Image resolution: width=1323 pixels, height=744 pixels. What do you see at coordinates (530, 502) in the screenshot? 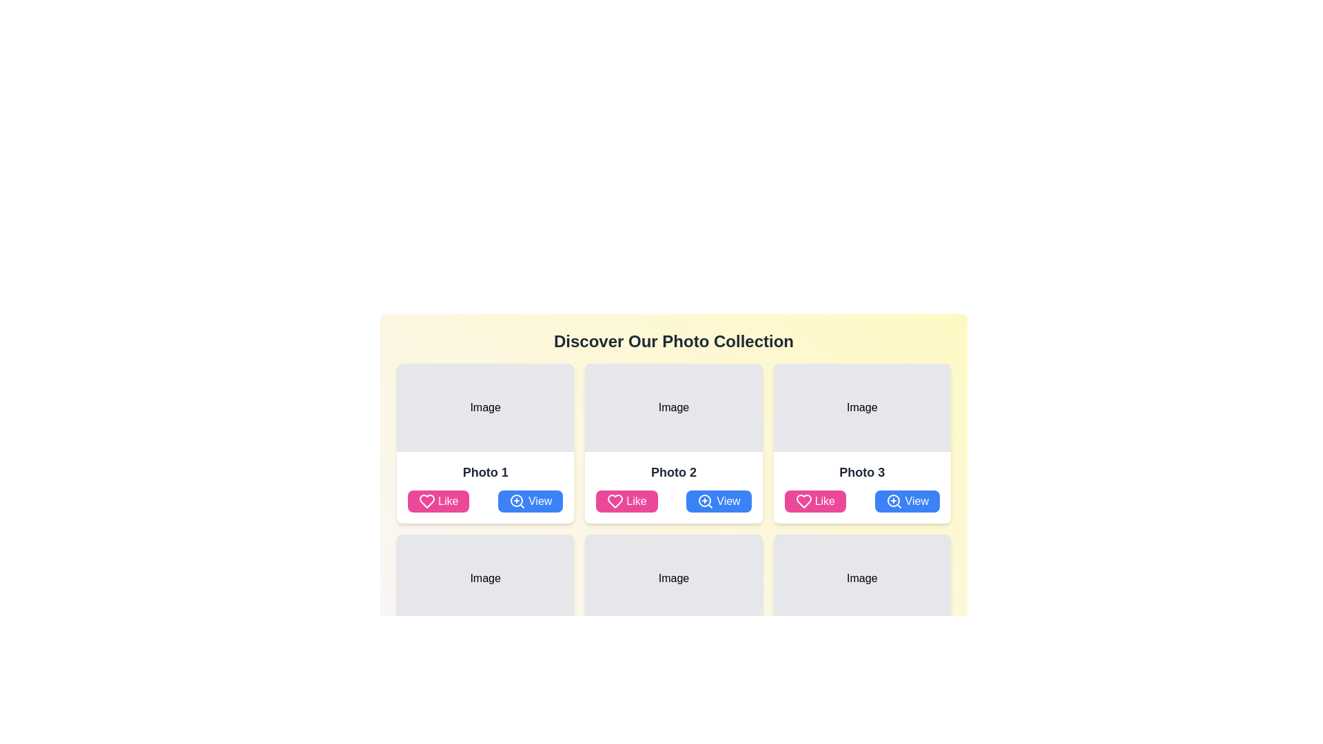
I see `the button labeled 'View' which has a blue background and a magnifying glass icon, located below 'Photo 1' and to the right of the 'Like' button` at bounding box center [530, 502].